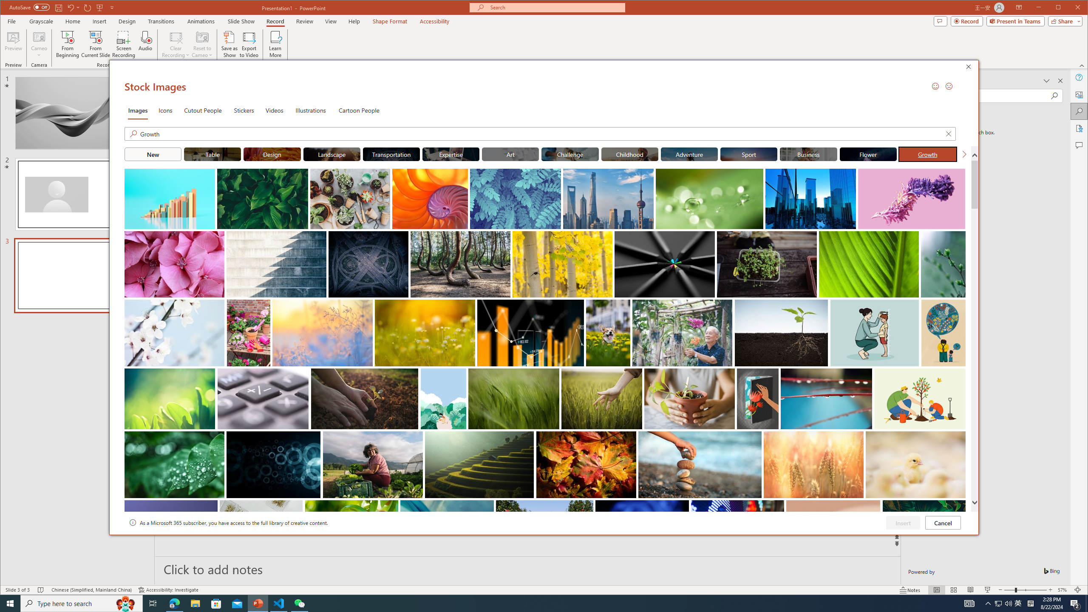 The height and width of the screenshot is (612, 1088). What do you see at coordinates (390, 21) in the screenshot?
I see `'Shape Format'` at bounding box center [390, 21].